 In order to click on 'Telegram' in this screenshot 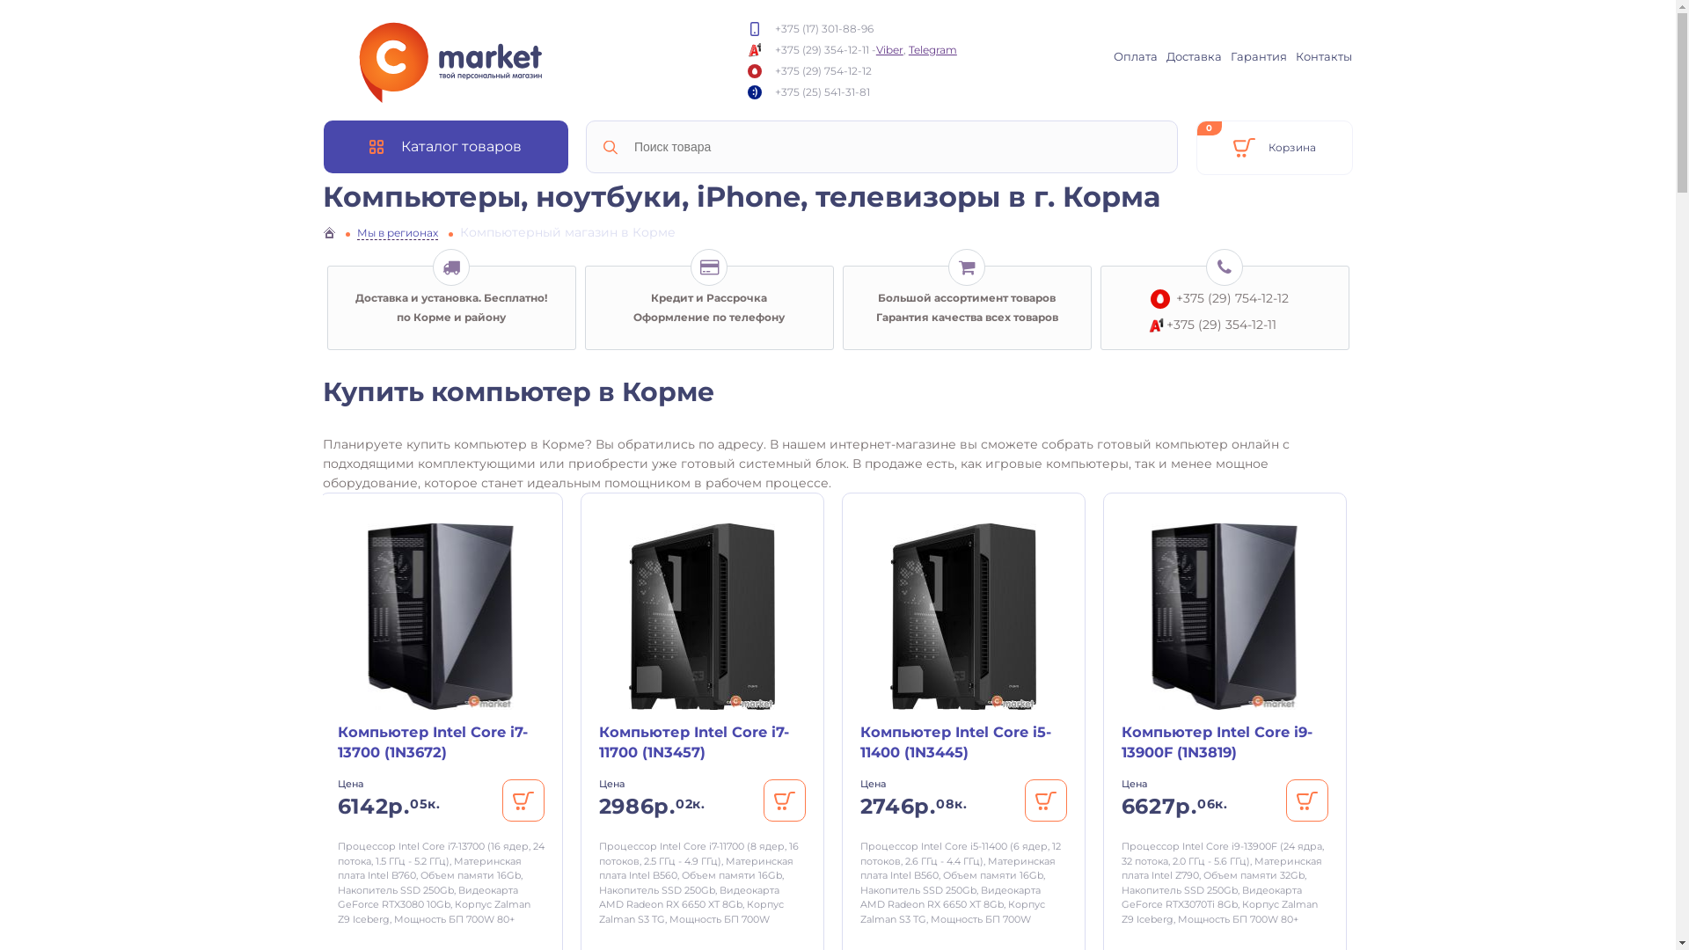, I will do `click(932, 47)`.